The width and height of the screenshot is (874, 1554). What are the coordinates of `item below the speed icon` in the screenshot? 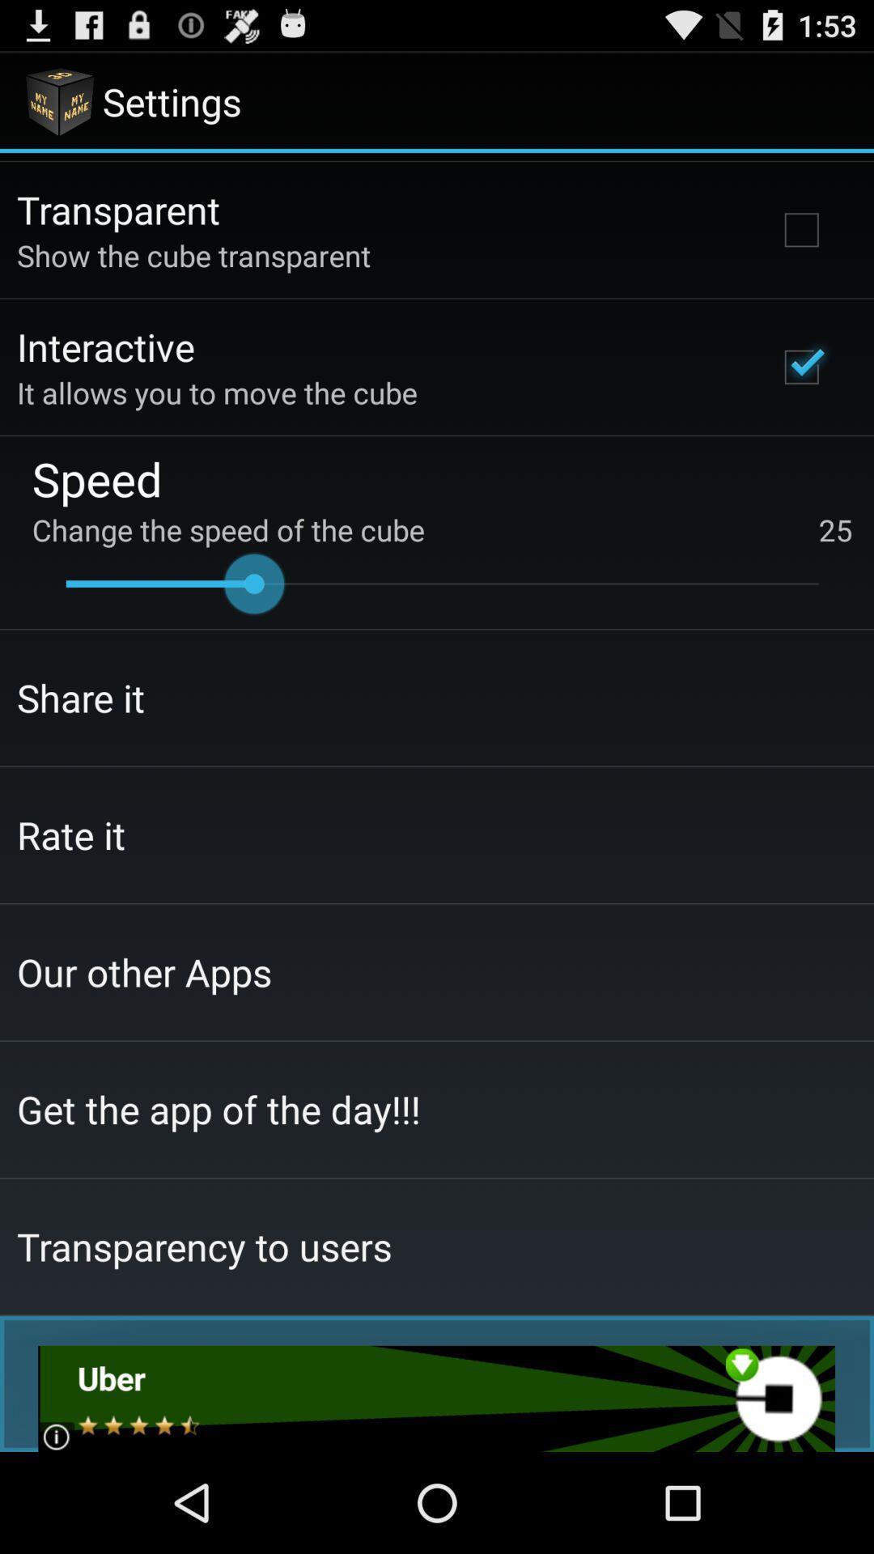 It's located at (442, 529).